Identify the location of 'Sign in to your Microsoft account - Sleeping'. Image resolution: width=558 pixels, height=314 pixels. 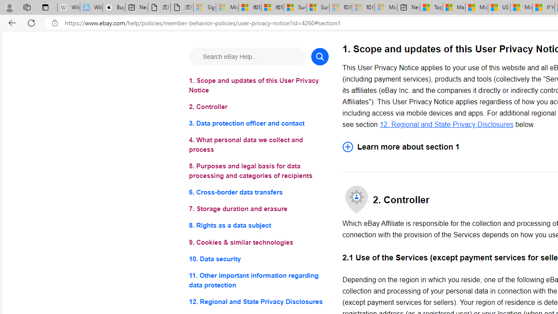
(204, 7).